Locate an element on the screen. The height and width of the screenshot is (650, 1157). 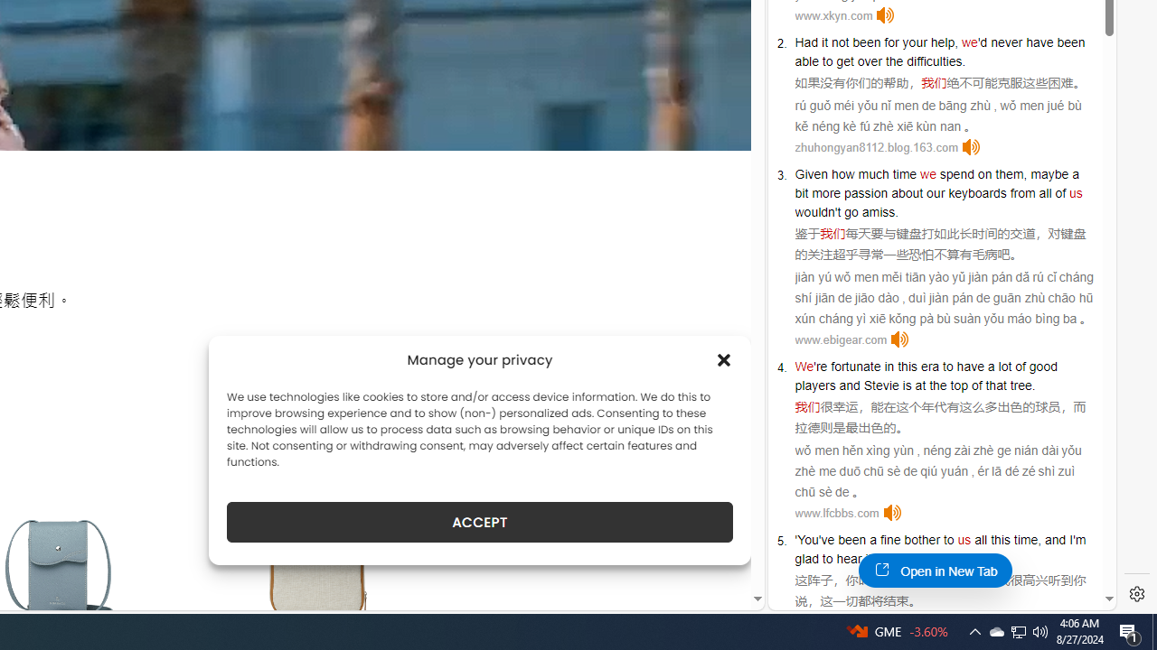
'all' is located at coordinates (980, 538).